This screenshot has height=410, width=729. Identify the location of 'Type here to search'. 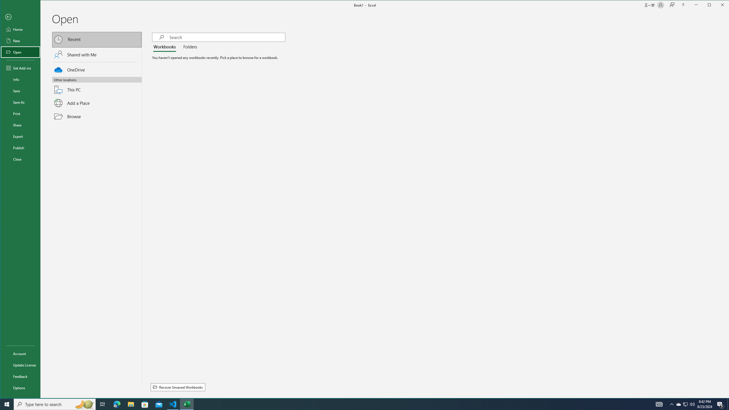
(54, 404).